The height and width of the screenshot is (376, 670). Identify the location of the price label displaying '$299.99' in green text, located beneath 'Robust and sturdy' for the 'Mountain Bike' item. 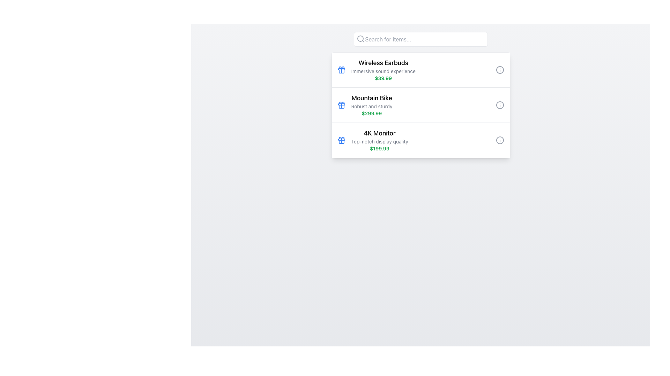
(371, 113).